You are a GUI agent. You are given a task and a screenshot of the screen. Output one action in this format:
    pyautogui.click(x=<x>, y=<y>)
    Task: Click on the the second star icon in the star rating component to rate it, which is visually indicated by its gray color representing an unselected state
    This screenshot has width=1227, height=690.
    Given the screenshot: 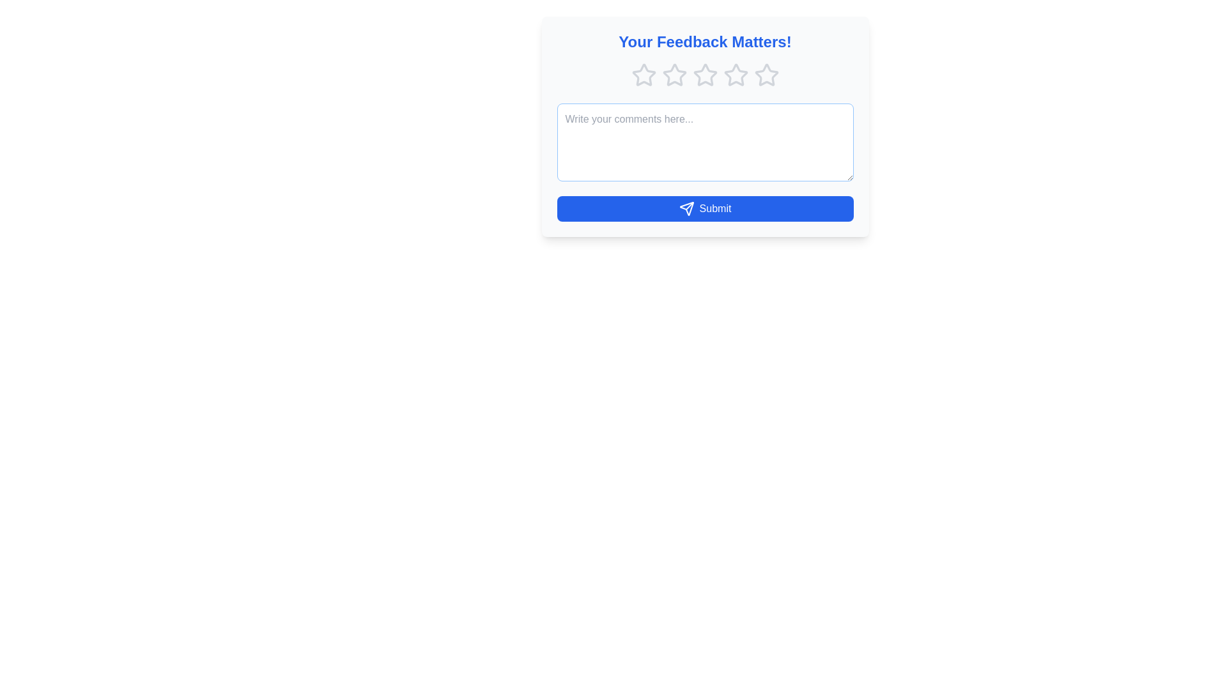 What is the action you would take?
    pyautogui.click(x=704, y=75)
    